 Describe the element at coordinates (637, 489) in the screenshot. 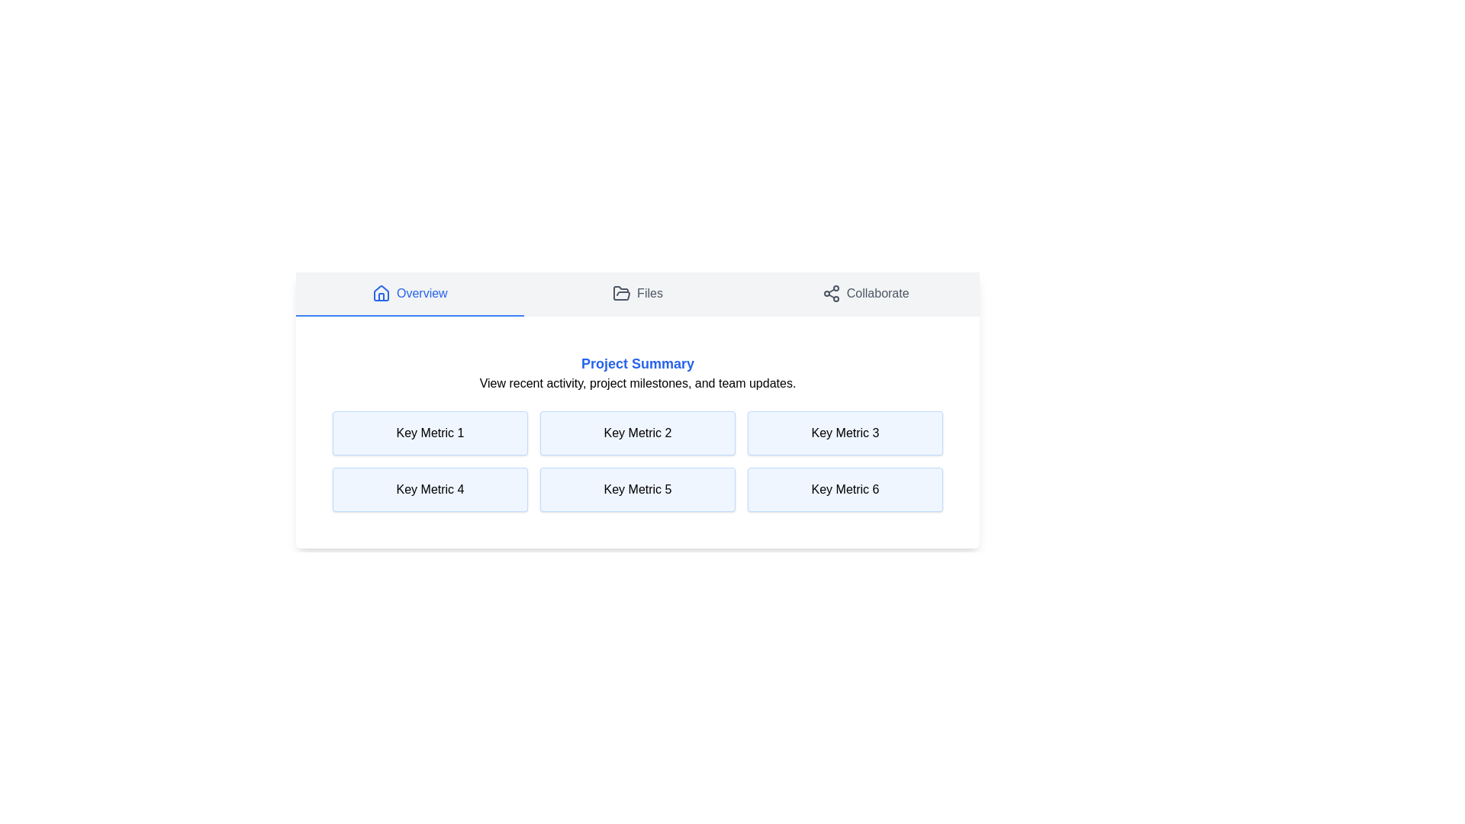

I see `the label with the text 'Key Metric 5', which is a light blue rectangular box with a thin blue border and rounded corners, located in the second row and second column of a grid layout` at that location.